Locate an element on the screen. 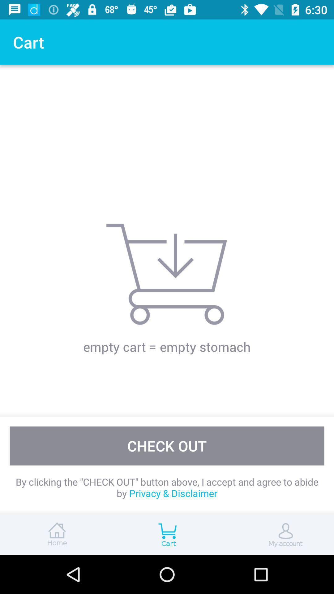 The height and width of the screenshot is (594, 334). home page is located at coordinates (56, 534).